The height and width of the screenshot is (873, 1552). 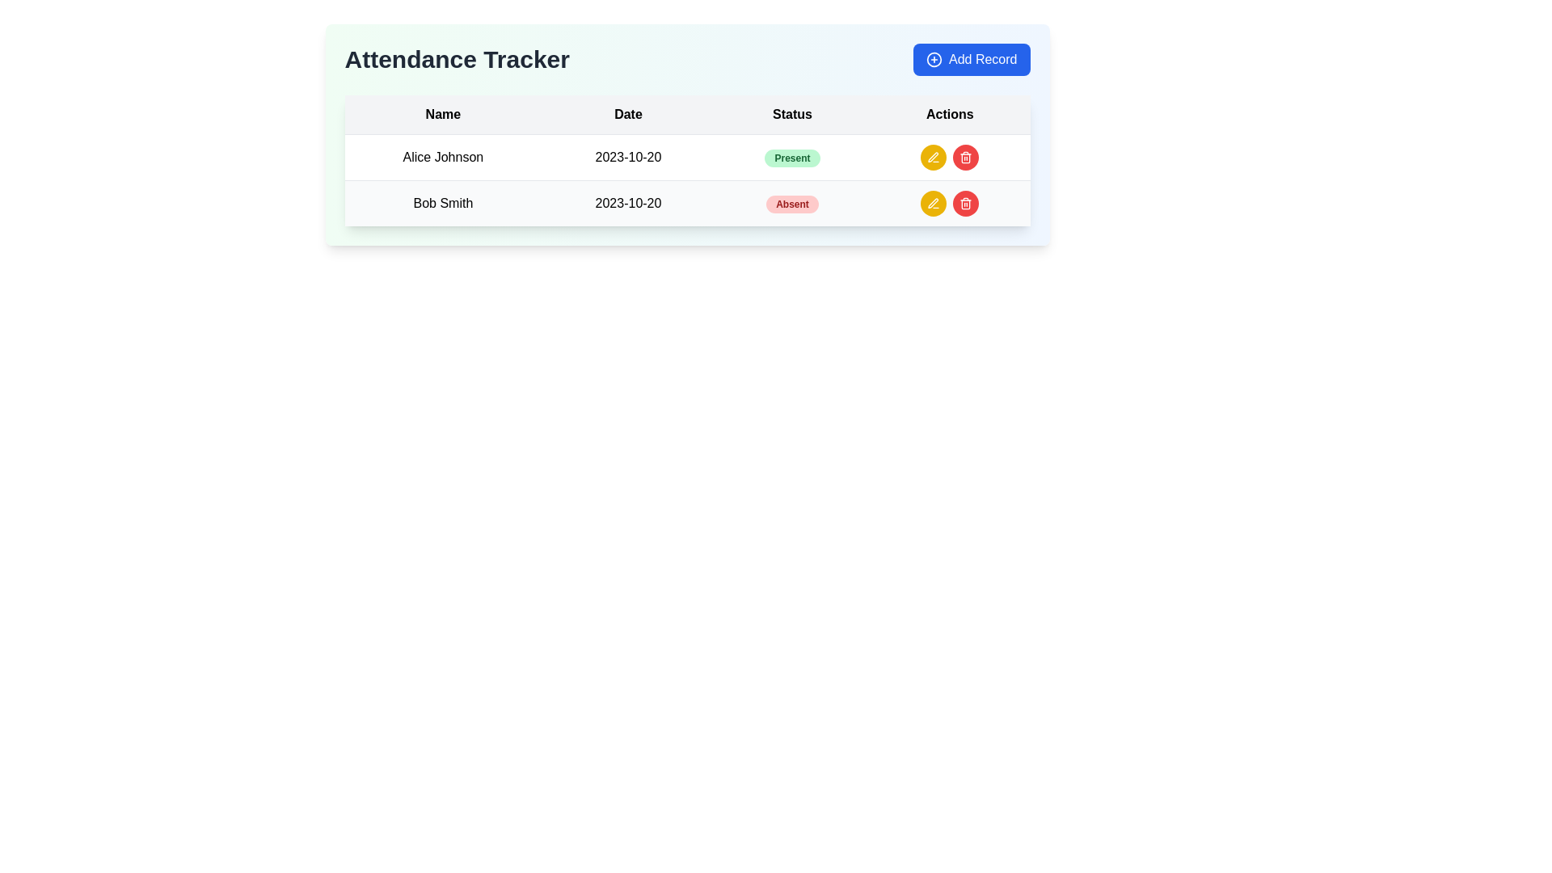 What do you see at coordinates (934, 202) in the screenshot?
I see `the pencil icon button in the Actions column of the second row of the Attendance Tracker table` at bounding box center [934, 202].